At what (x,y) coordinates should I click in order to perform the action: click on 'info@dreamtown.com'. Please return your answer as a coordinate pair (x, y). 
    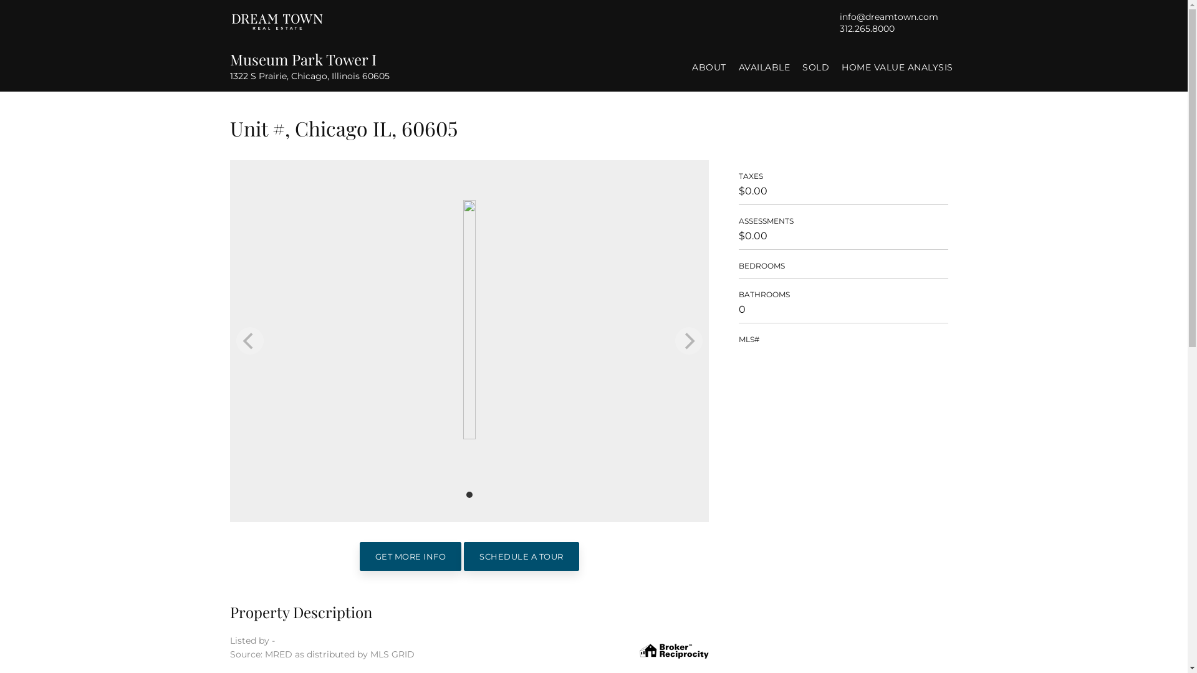
    Looking at the image, I should click on (888, 17).